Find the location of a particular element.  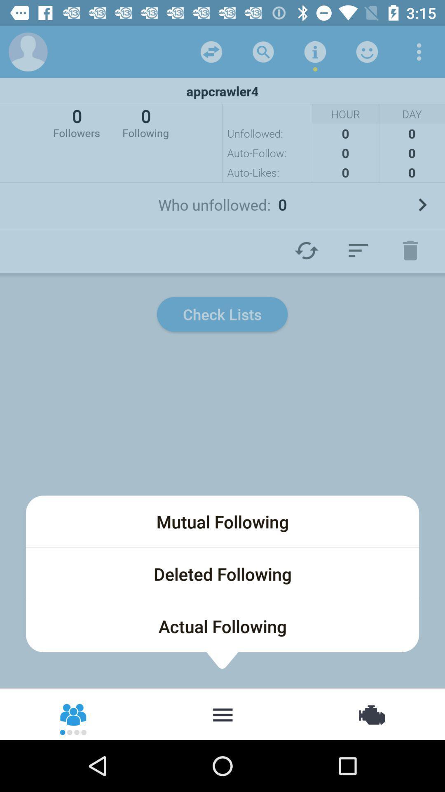

the icon below the check lists item is located at coordinates (222, 521).